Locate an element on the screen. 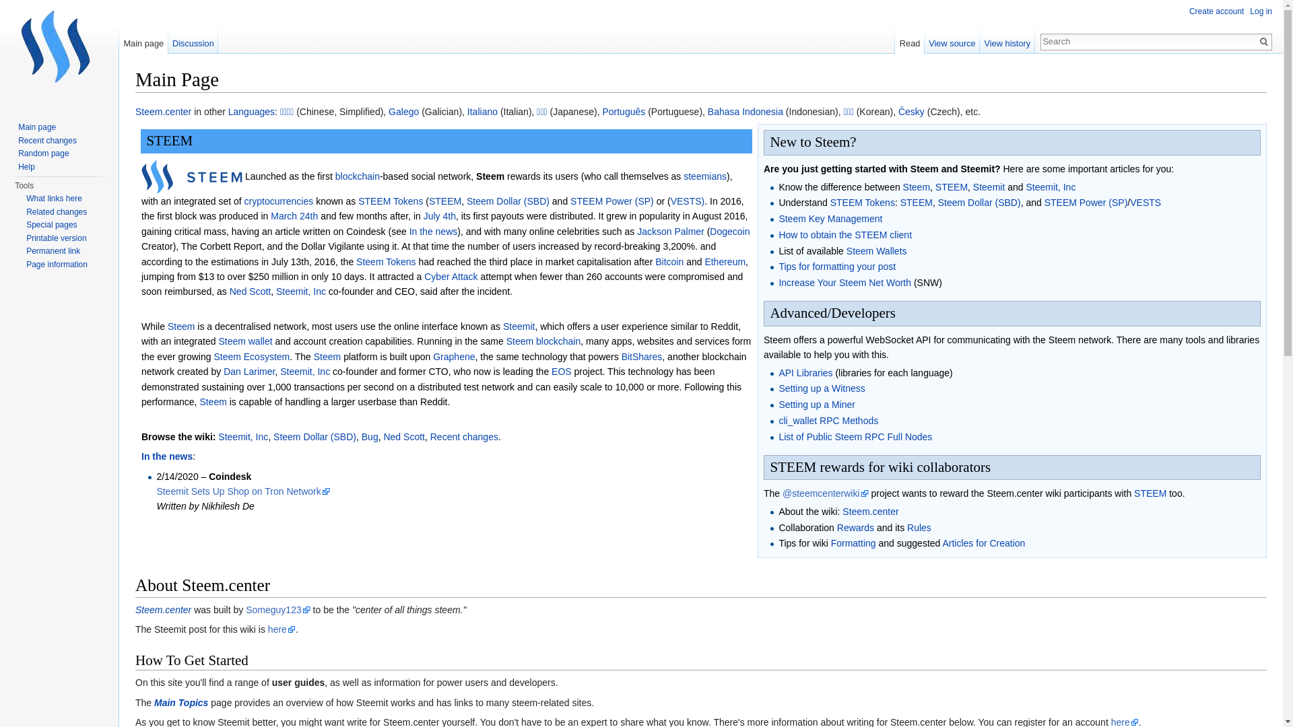  'Steemit Sets Up Shop on Tron Network' is located at coordinates (242, 491).